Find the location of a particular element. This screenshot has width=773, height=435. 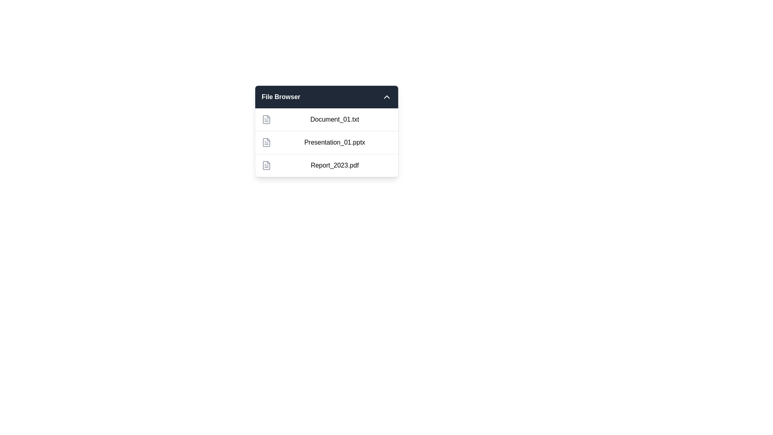

the file Presentation_01.pptx from the list is located at coordinates (327, 142).